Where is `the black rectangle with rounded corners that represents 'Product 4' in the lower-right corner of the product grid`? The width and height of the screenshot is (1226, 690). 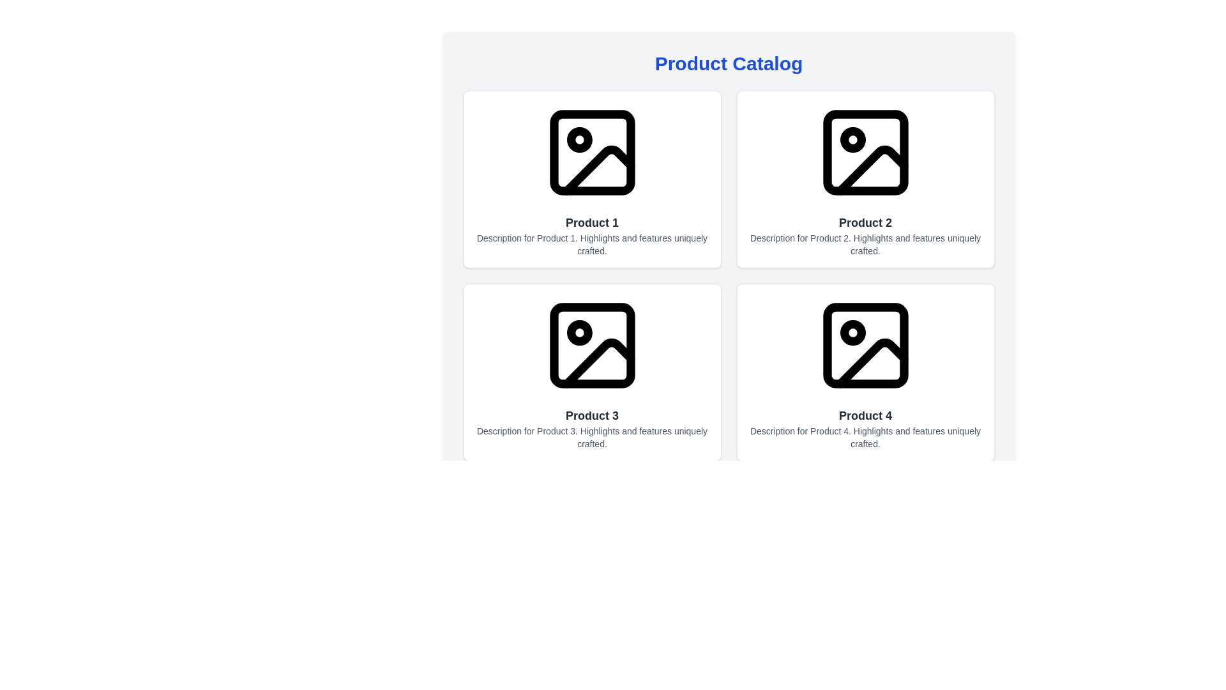 the black rectangle with rounded corners that represents 'Product 4' in the lower-right corner of the product grid is located at coordinates (865, 345).